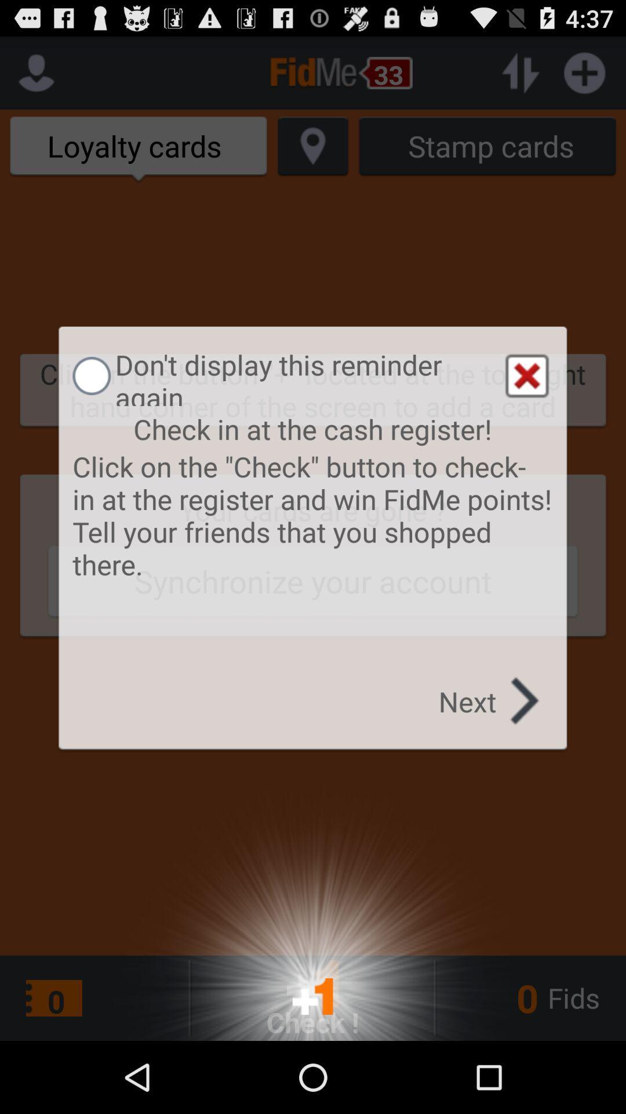 Image resolution: width=626 pixels, height=1114 pixels. What do you see at coordinates (527, 376) in the screenshot?
I see `icon next to don t display` at bounding box center [527, 376].